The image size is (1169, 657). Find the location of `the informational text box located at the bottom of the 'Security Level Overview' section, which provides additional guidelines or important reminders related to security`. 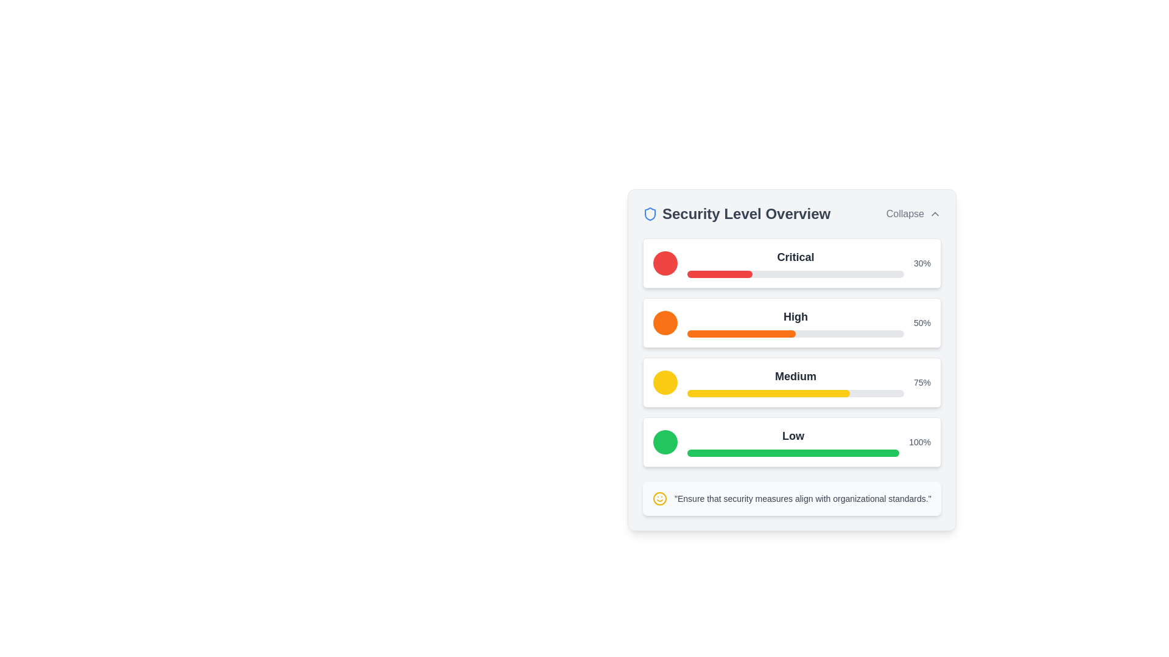

the informational text box located at the bottom of the 'Security Level Overview' section, which provides additional guidelines or important reminders related to security is located at coordinates (792, 499).